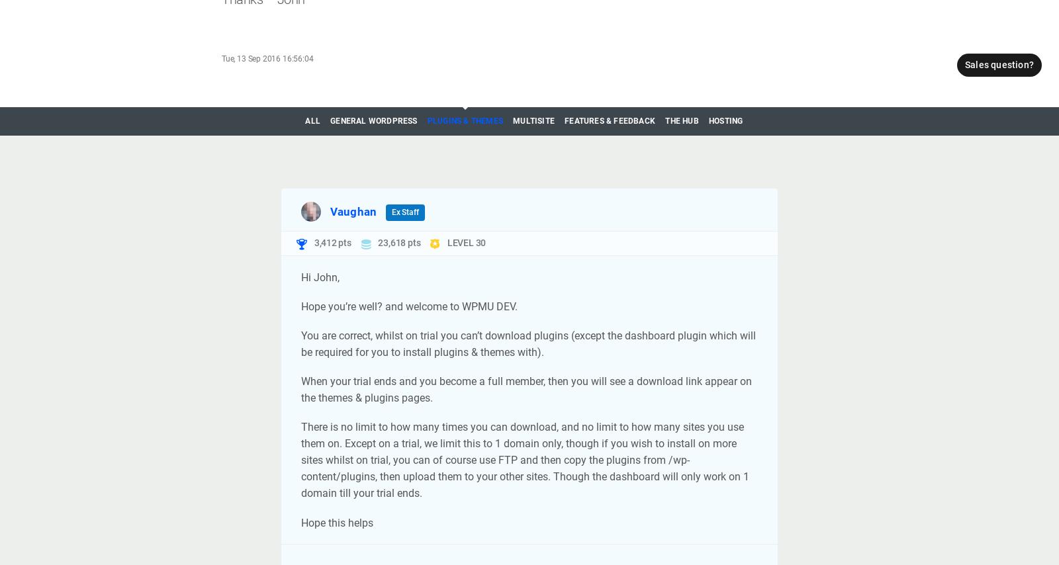 This screenshot has width=1059, height=565. What do you see at coordinates (563, 120) in the screenshot?
I see `'Features & Feedback'` at bounding box center [563, 120].